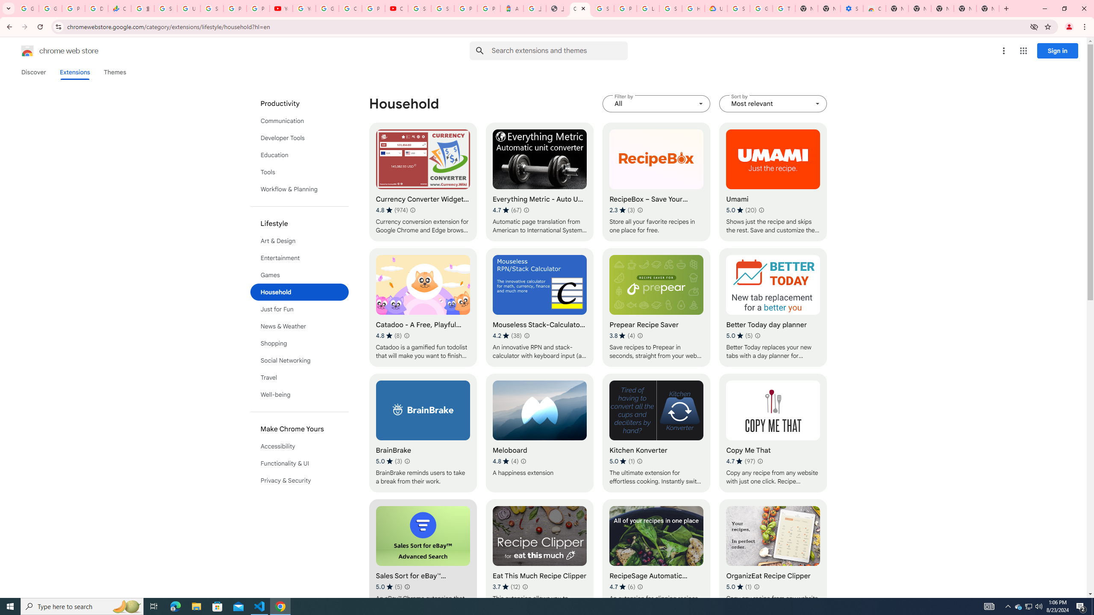 This screenshot has width=1094, height=615. What do you see at coordinates (115, 72) in the screenshot?
I see `'Themes'` at bounding box center [115, 72].